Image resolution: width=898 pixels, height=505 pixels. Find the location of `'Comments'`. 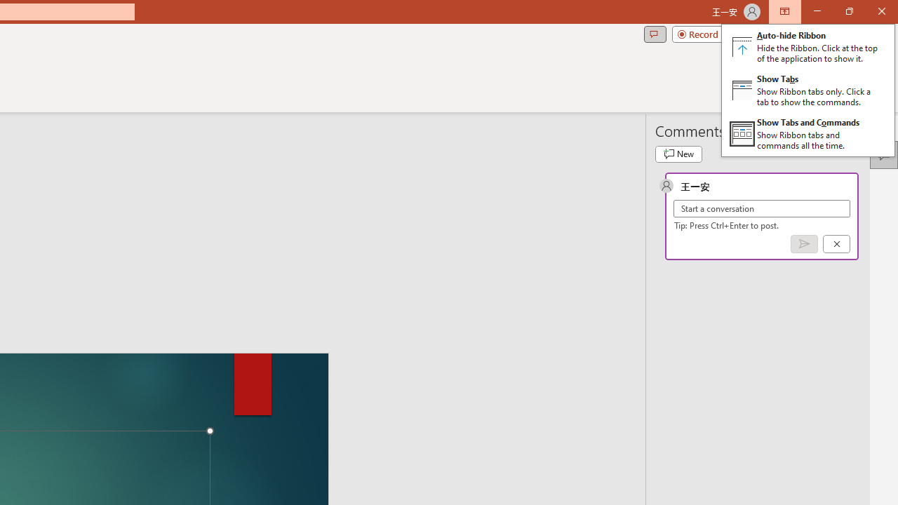

'Comments' is located at coordinates (654, 33).